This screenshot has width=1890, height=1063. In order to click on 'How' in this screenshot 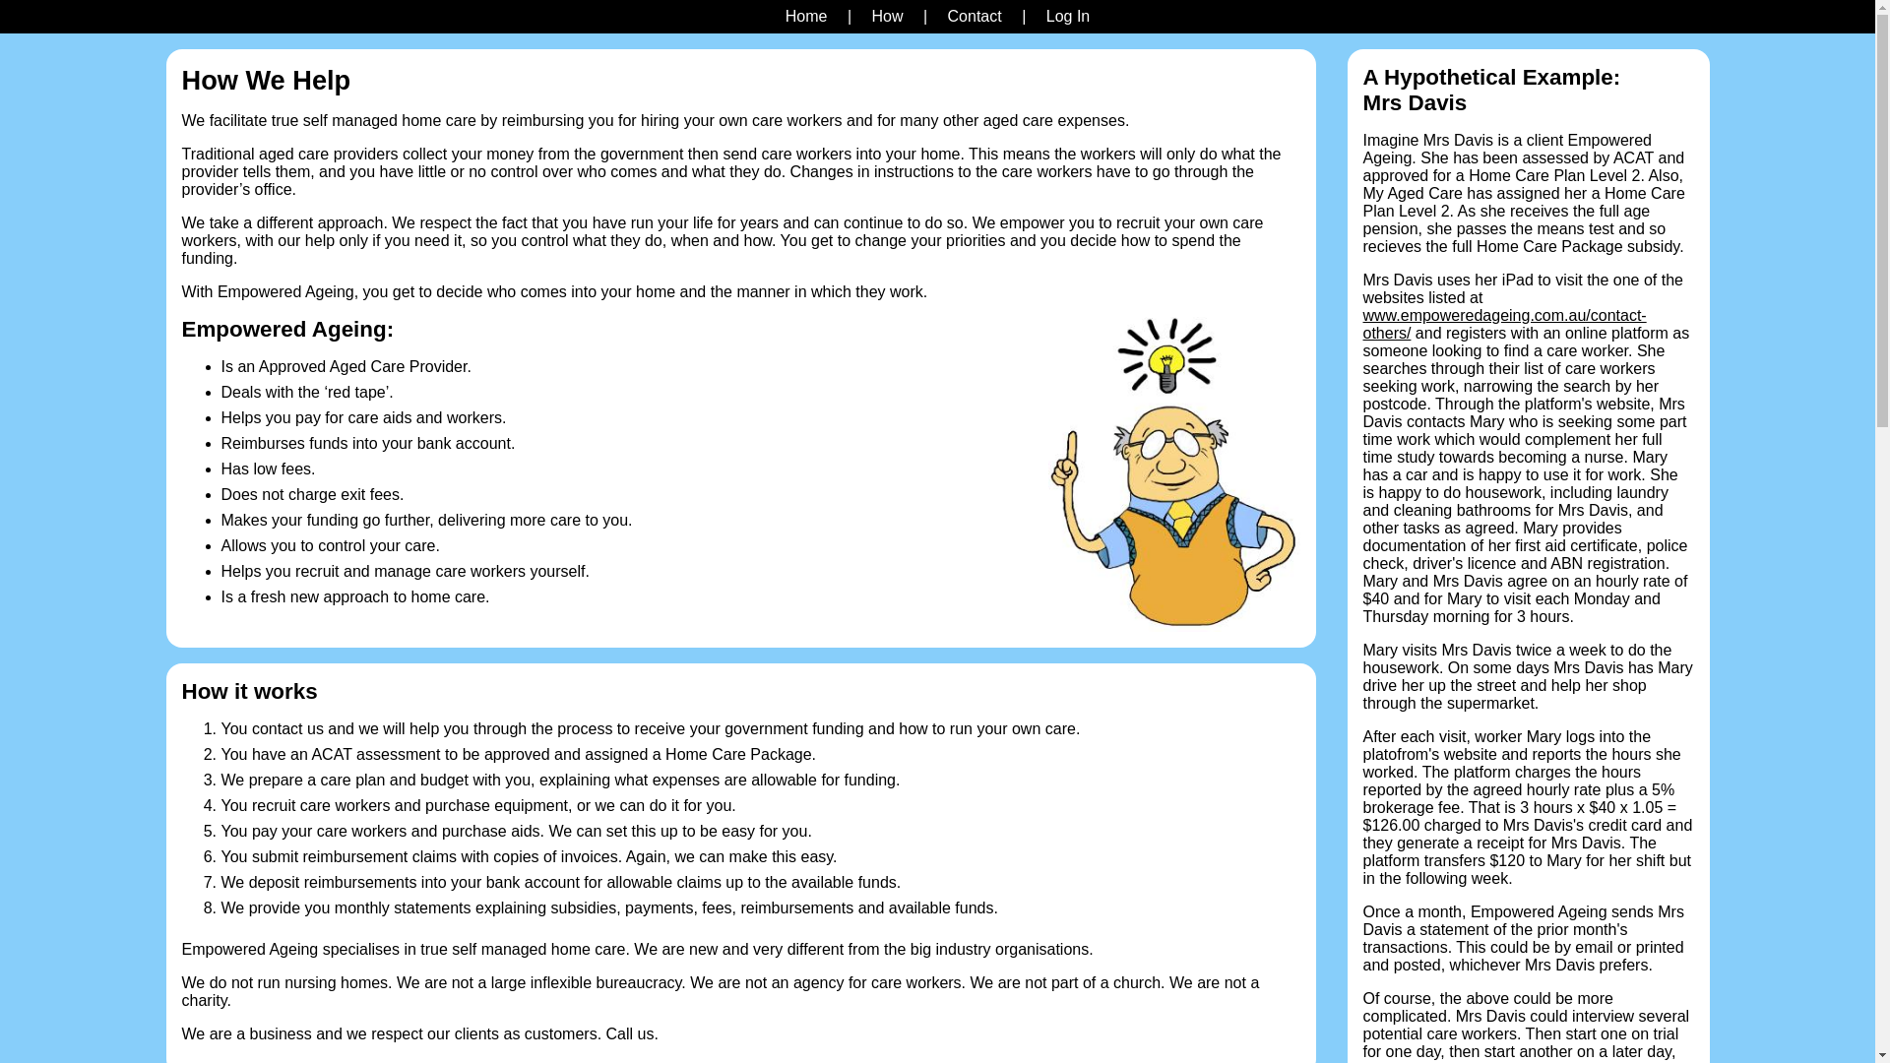, I will do `click(886, 16)`.